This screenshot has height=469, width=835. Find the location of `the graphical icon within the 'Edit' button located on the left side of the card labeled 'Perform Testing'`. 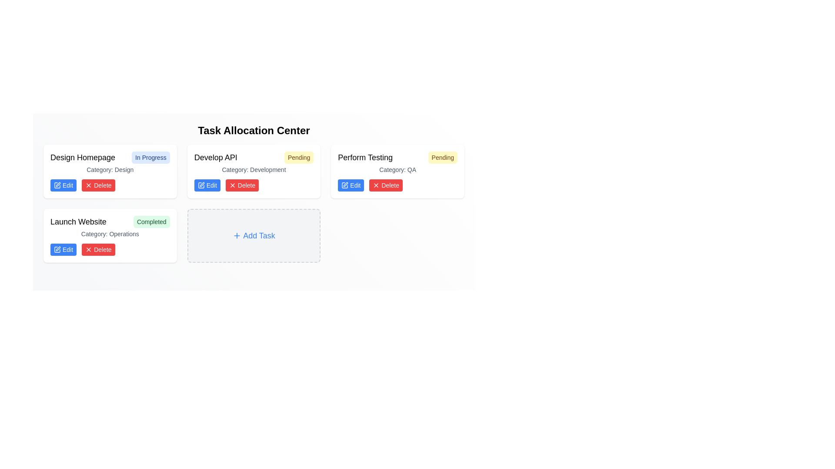

the graphical icon within the 'Edit' button located on the left side of the card labeled 'Perform Testing' is located at coordinates (344, 185).